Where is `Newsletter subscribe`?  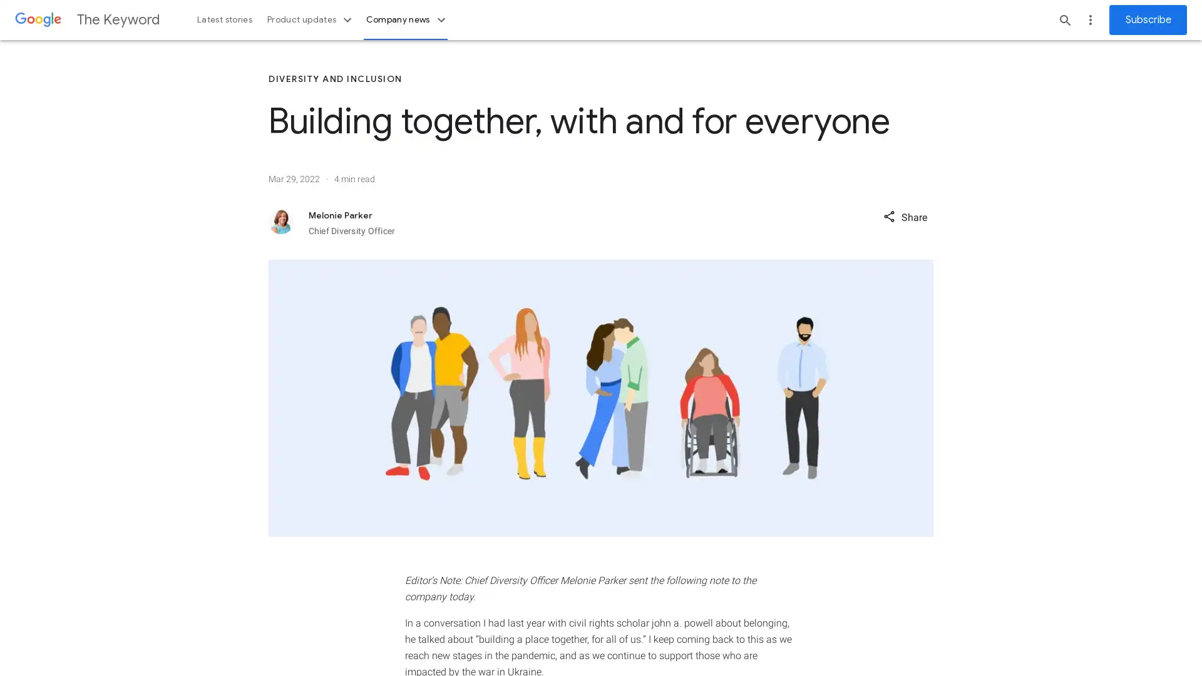
Newsletter subscribe is located at coordinates (1148, 19).